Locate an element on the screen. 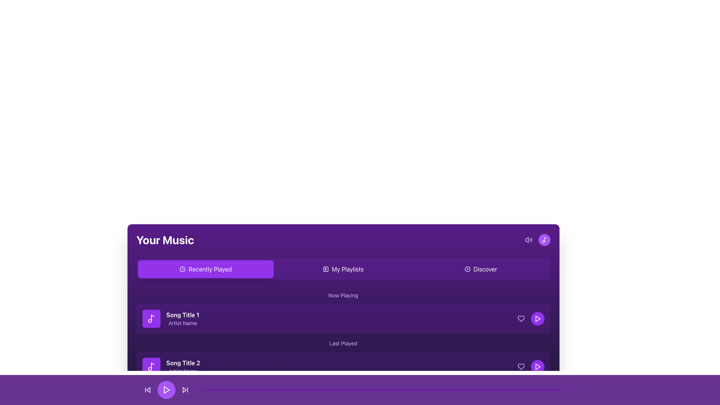 The width and height of the screenshot is (720, 405). the 'Recently Played' button, which is a vibrant purple rectangular button with rounded corners, displaying a clock icon and the label 'Recently Played' is located at coordinates (205, 268).